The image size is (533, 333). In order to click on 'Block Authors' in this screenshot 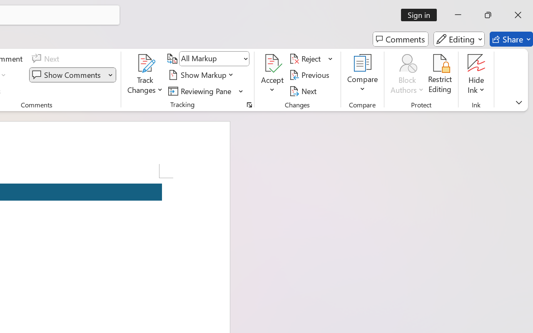, I will do `click(407, 63)`.